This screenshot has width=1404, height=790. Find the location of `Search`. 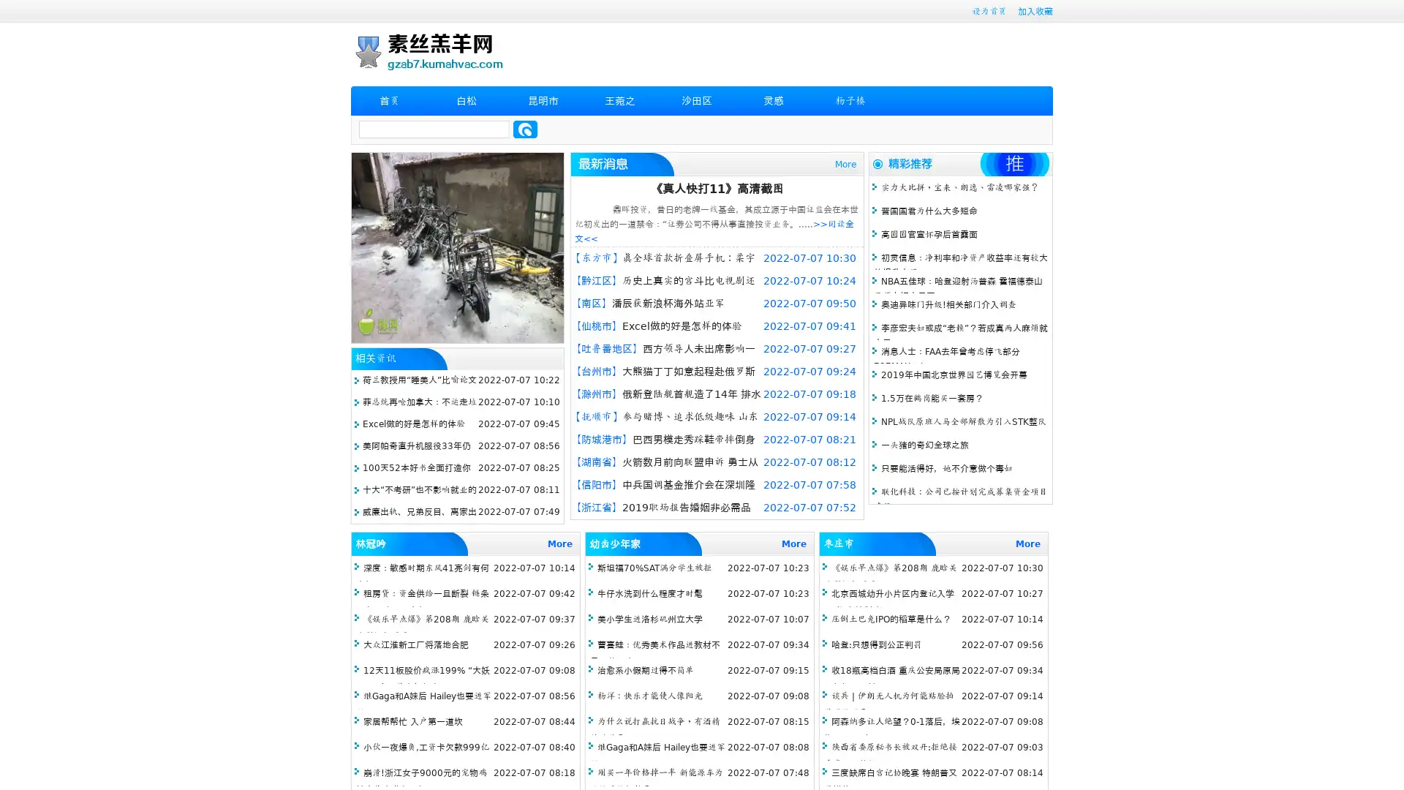

Search is located at coordinates (525, 129).